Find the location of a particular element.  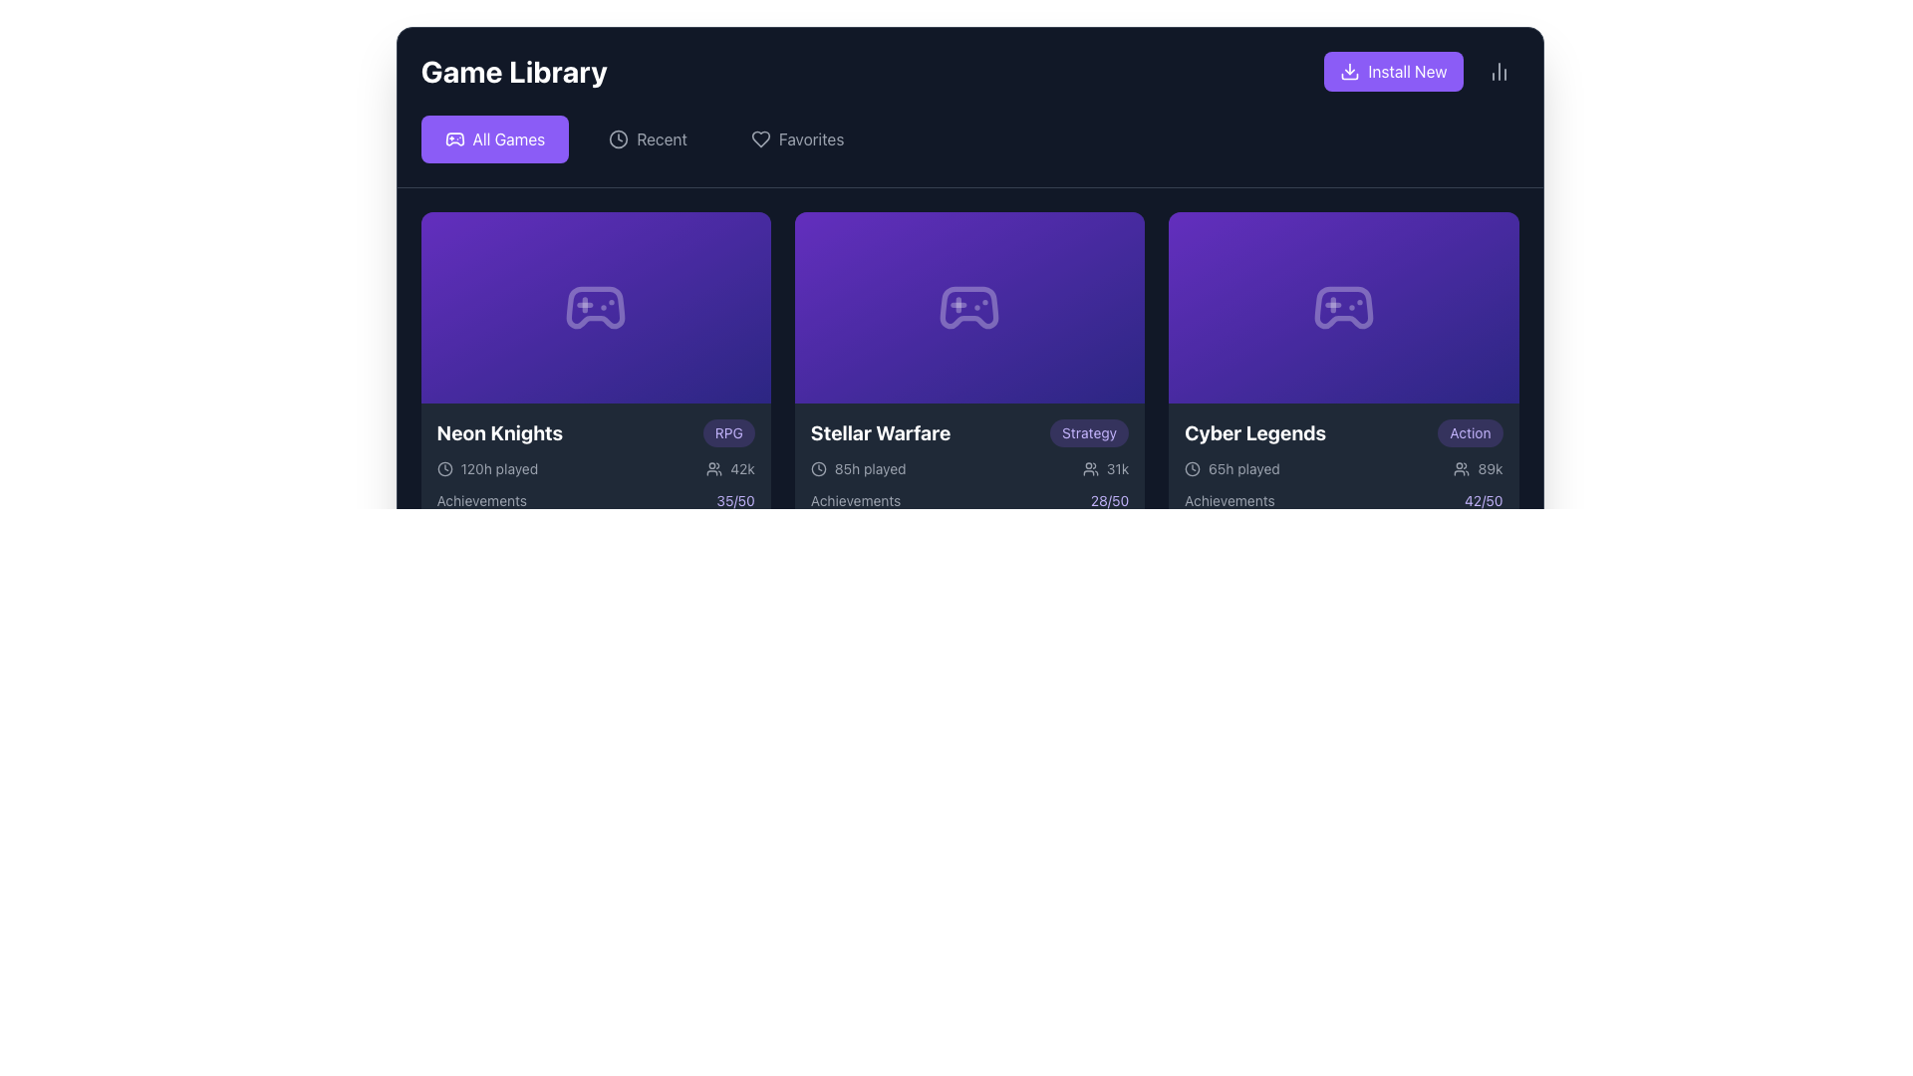

the Statistic display with icon and text showing '89k' is located at coordinates (1478, 468).